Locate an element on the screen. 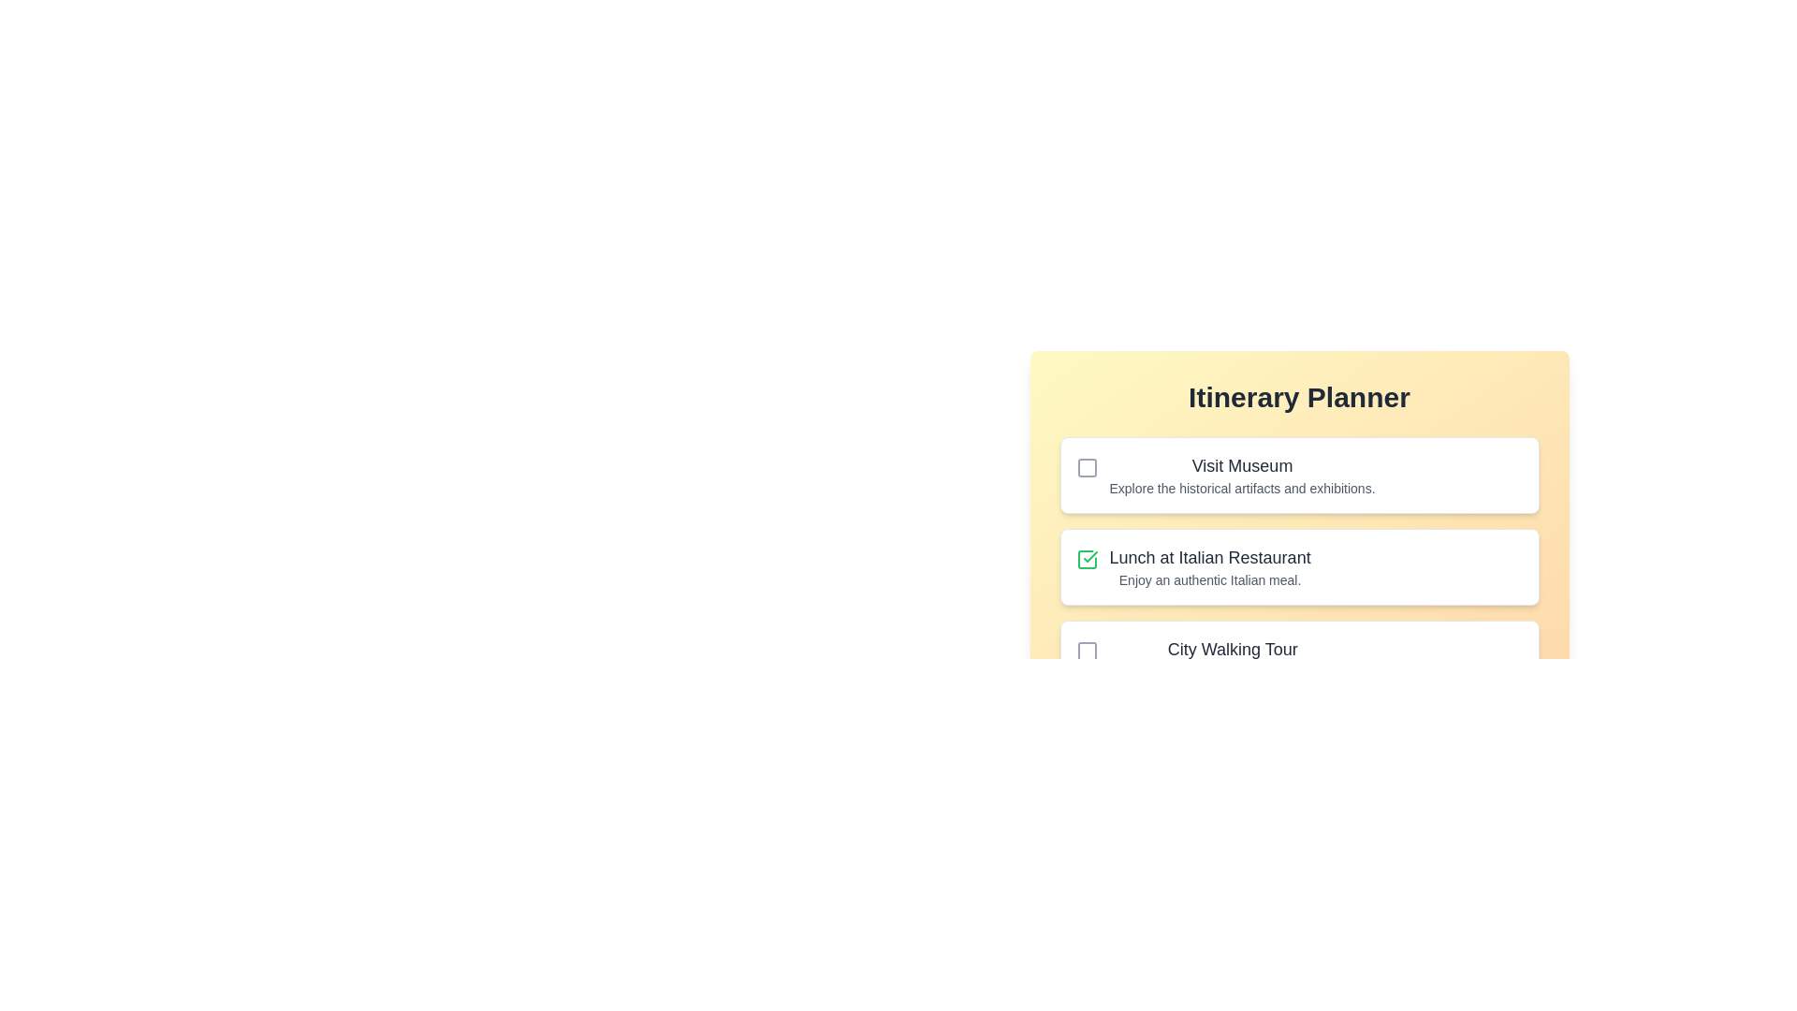  the status icon representing the 'City Walking Tour' task item is located at coordinates (1087, 650).